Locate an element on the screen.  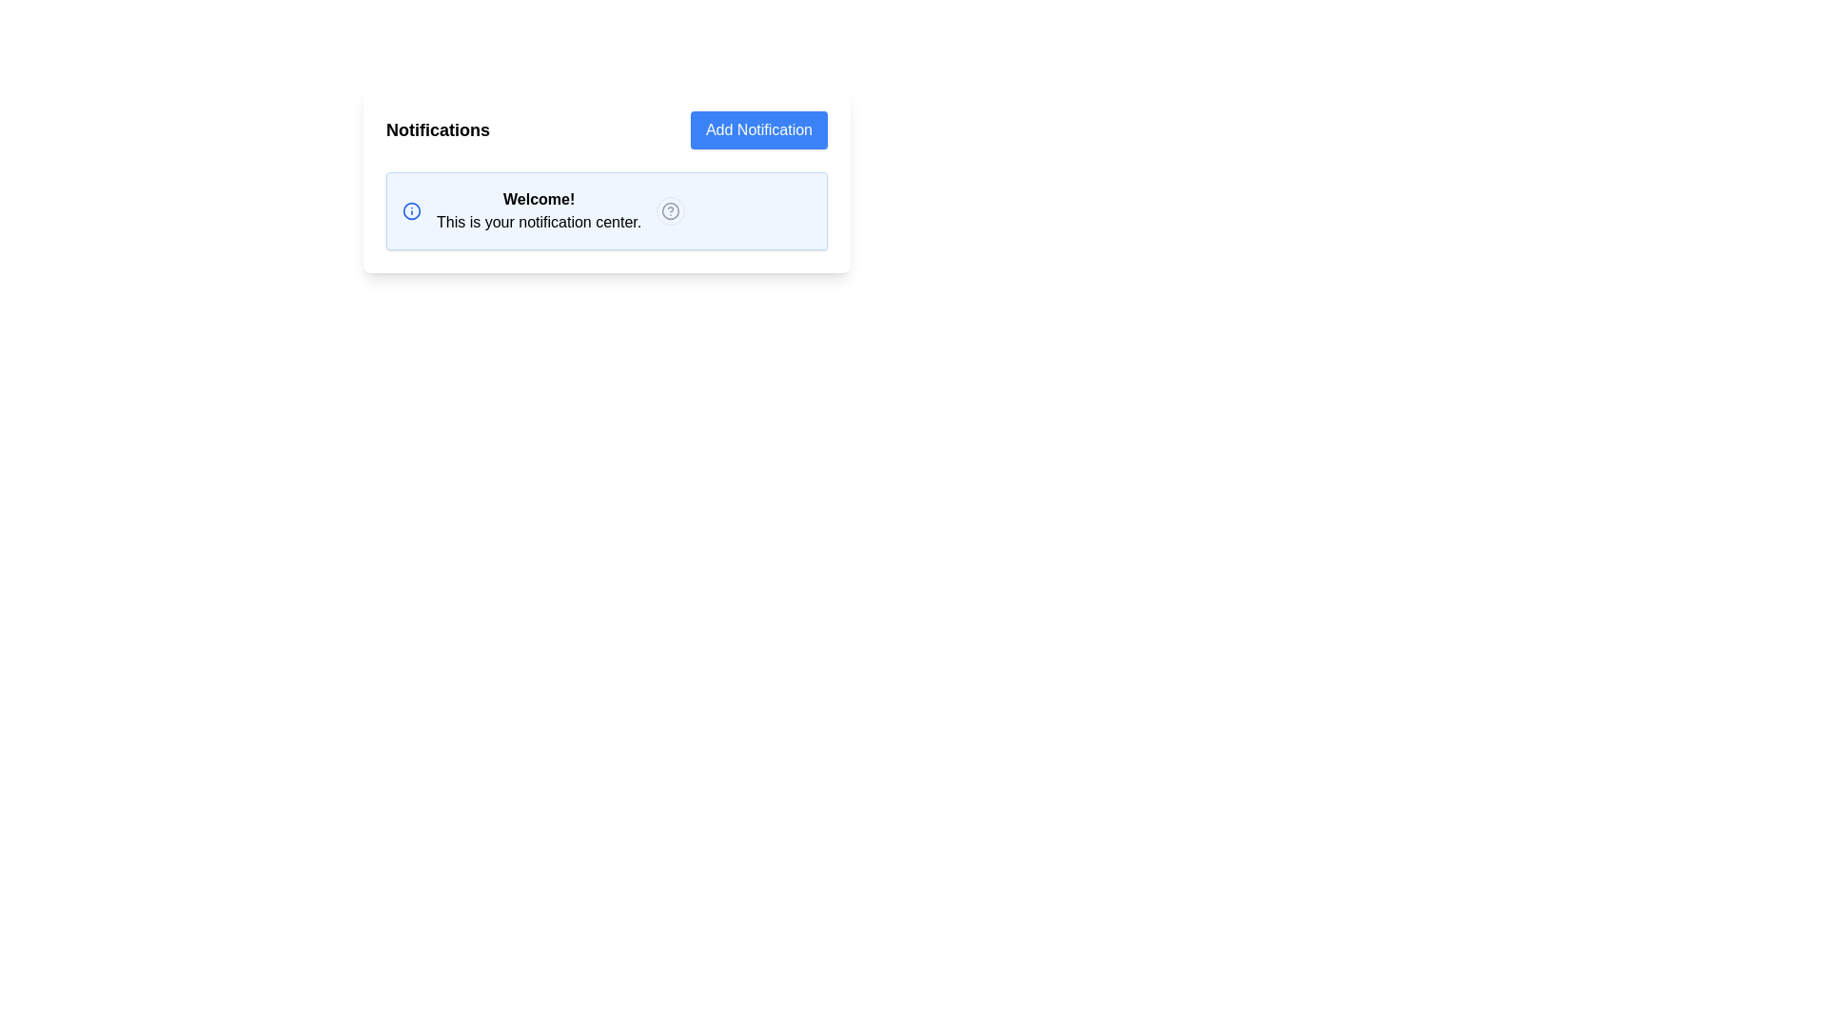
the informational static text label located below the bold 'Welcome!' text in the notification center is located at coordinates (538, 222).